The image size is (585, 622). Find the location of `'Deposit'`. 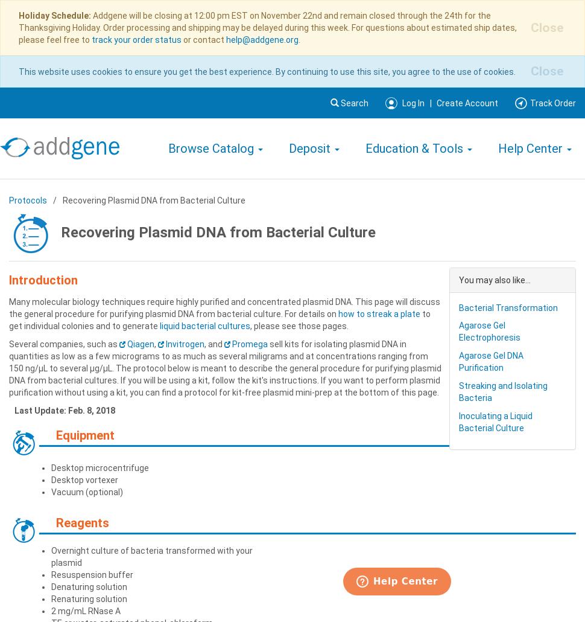

'Deposit' is located at coordinates (311, 148).